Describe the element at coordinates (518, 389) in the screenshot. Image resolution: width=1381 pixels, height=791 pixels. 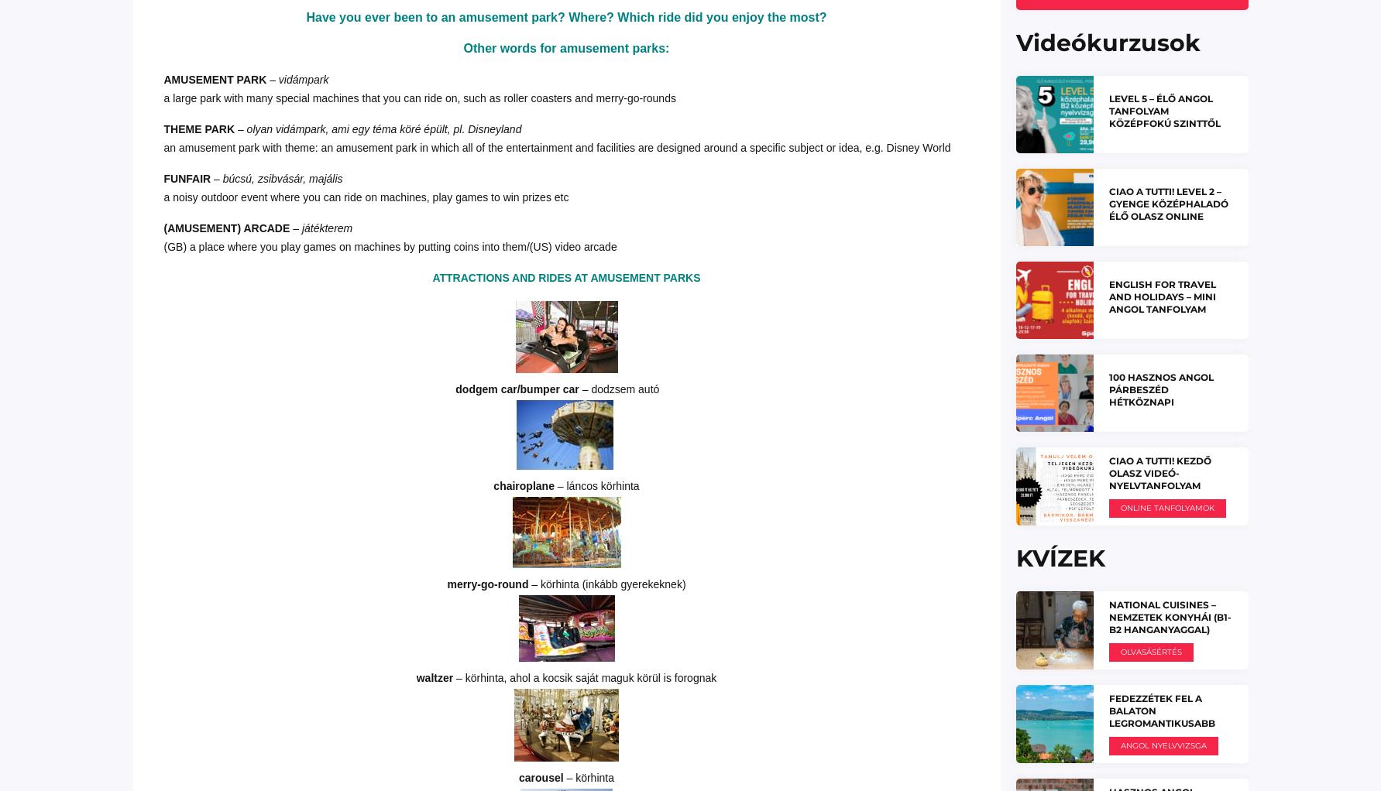
I see `'dodgem car/bumper car'` at that location.